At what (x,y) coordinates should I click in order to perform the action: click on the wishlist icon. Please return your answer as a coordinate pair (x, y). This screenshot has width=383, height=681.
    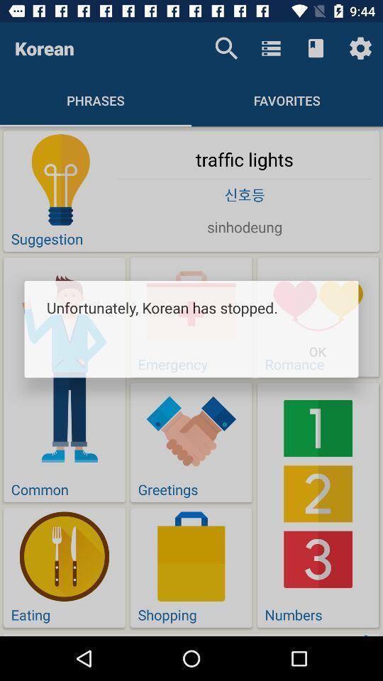
    Looking at the image, I should click on (316, 48).